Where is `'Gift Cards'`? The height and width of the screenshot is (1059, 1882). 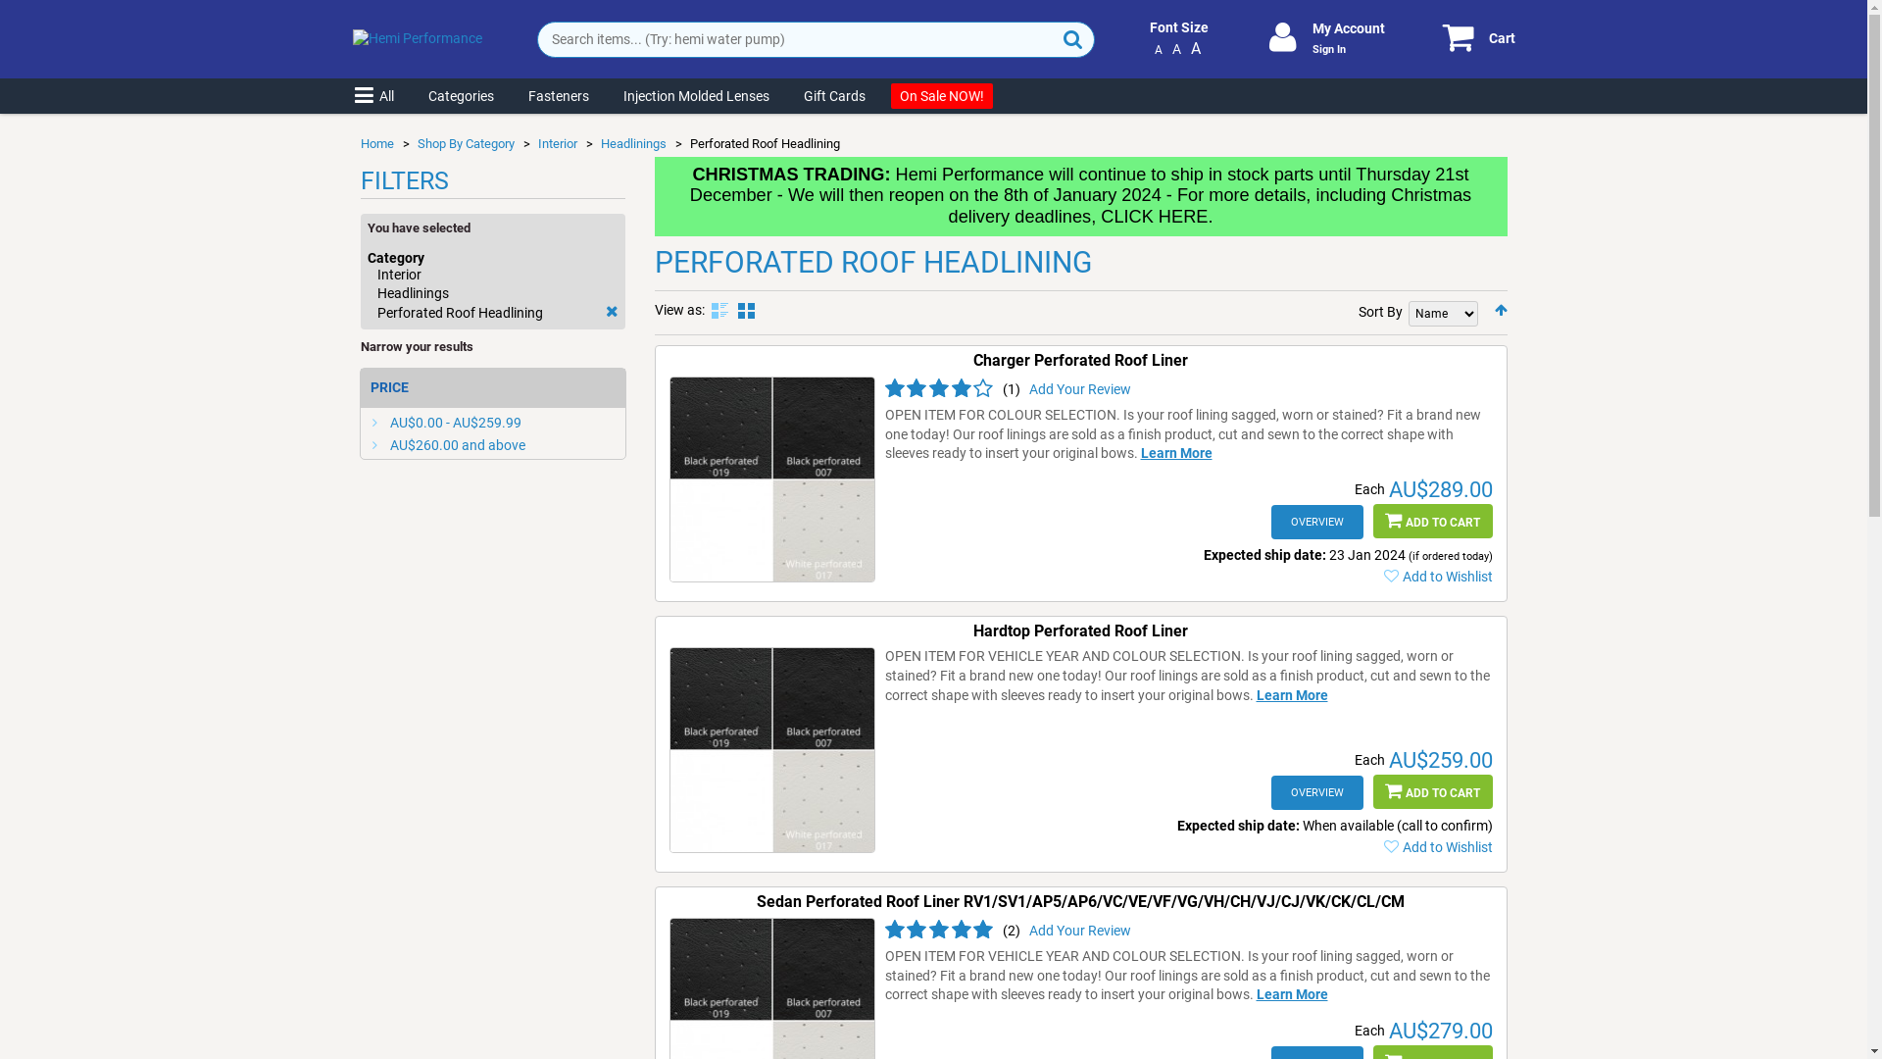 'Gift Cards' is located at coordinates (833, 95).